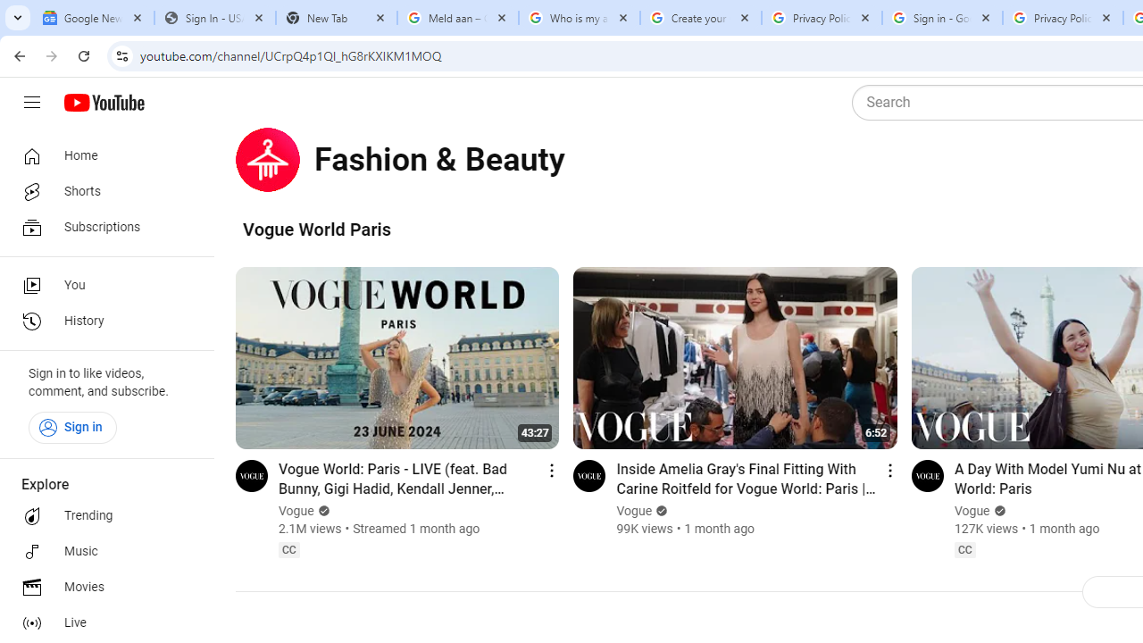 The height and width of the screenshot is (643, 1143). What do you see at coordinates (100, 321) in the screenshot?
I see `'History'` at bounding box center [100, 321].